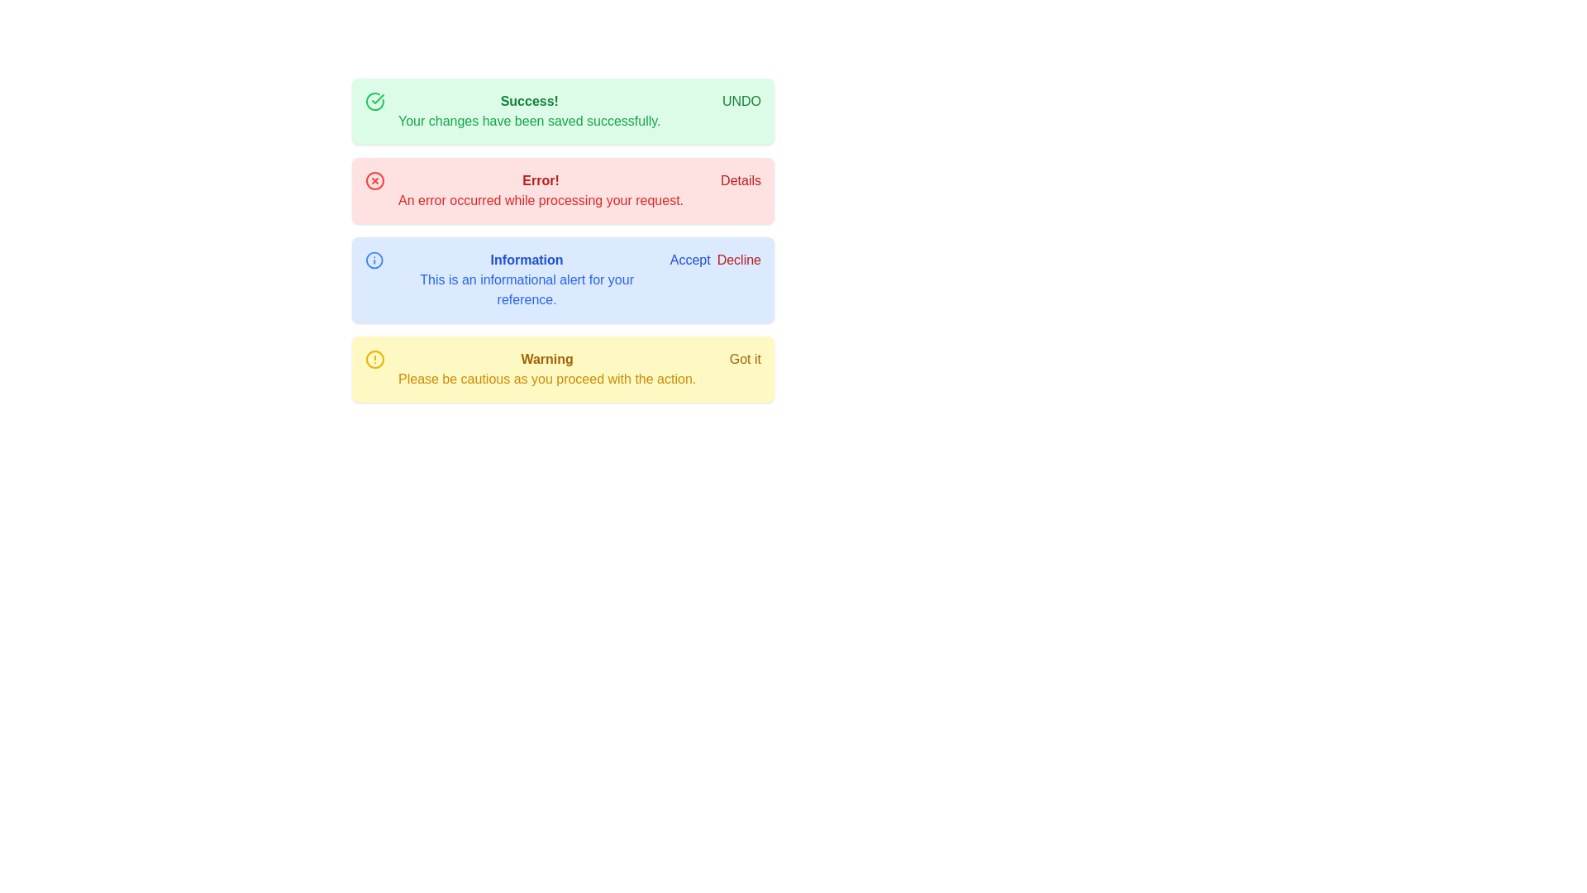 The width and height of the screenshot is (1587, 893). What do you see at coordinates (541, 200) in the screenshot?
I see `error message displayed in red text stating 'An error occurred while processing your request.' which is positioned below the 'Error!' message in the notification box` at bounding box center [541, 200].